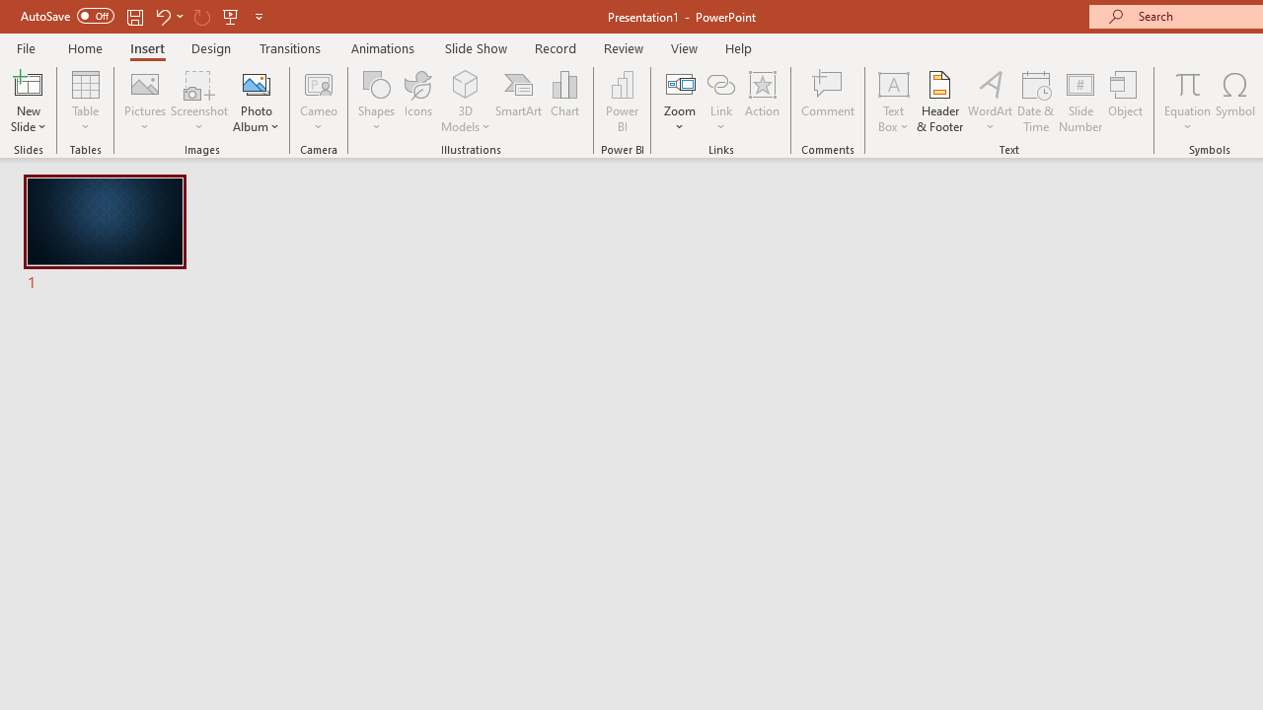 The image size is (1263, 710). I want to click on 'Table', so click(85, 102).